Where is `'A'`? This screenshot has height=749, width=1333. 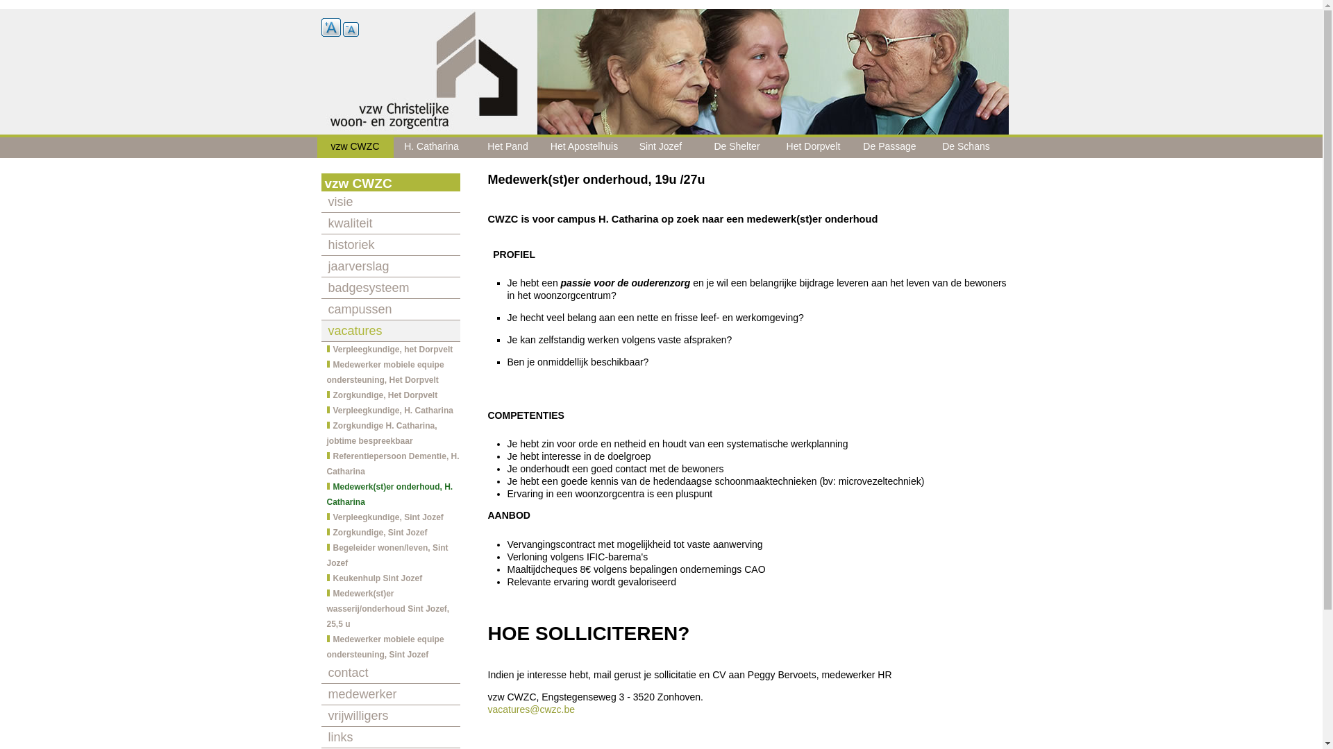 'A' is located at coordinates (329, 27).